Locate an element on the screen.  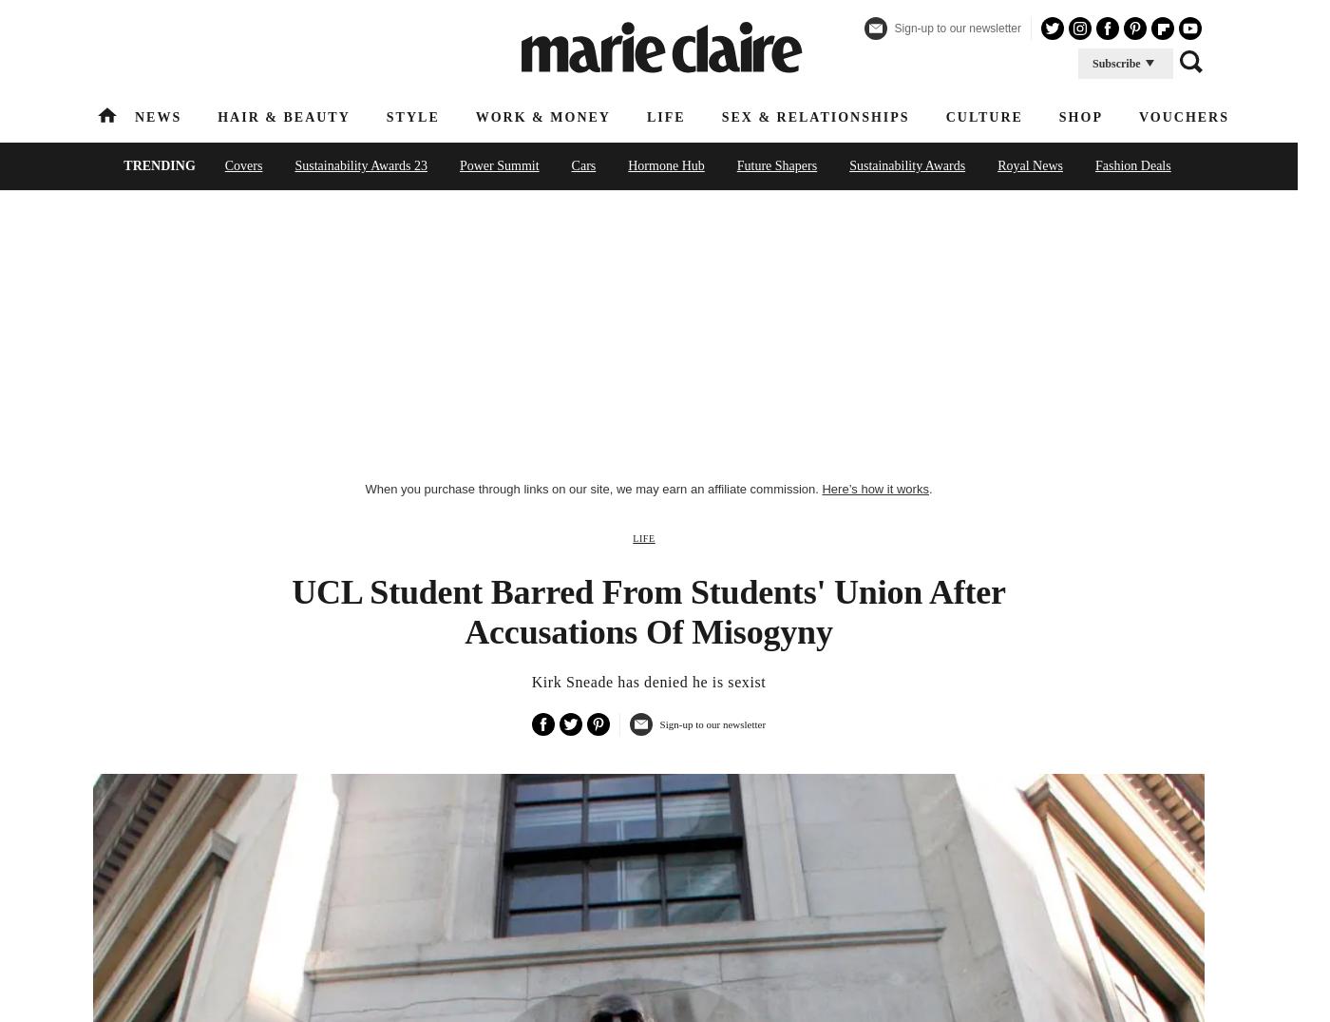
'Royal News' is located at coordinates (1030, 165).